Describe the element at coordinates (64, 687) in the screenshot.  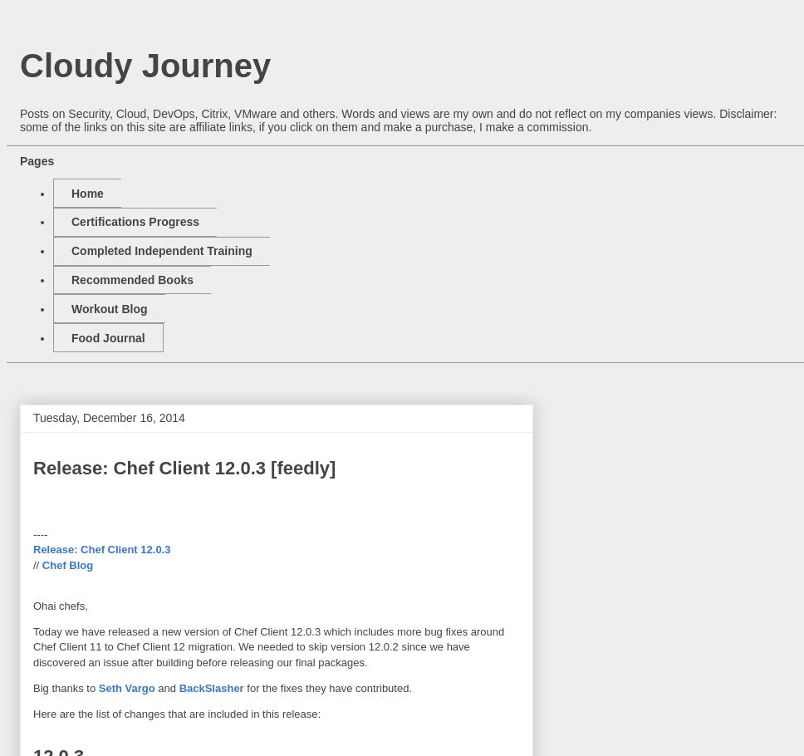
I see `'Big thanks to'` at that location.